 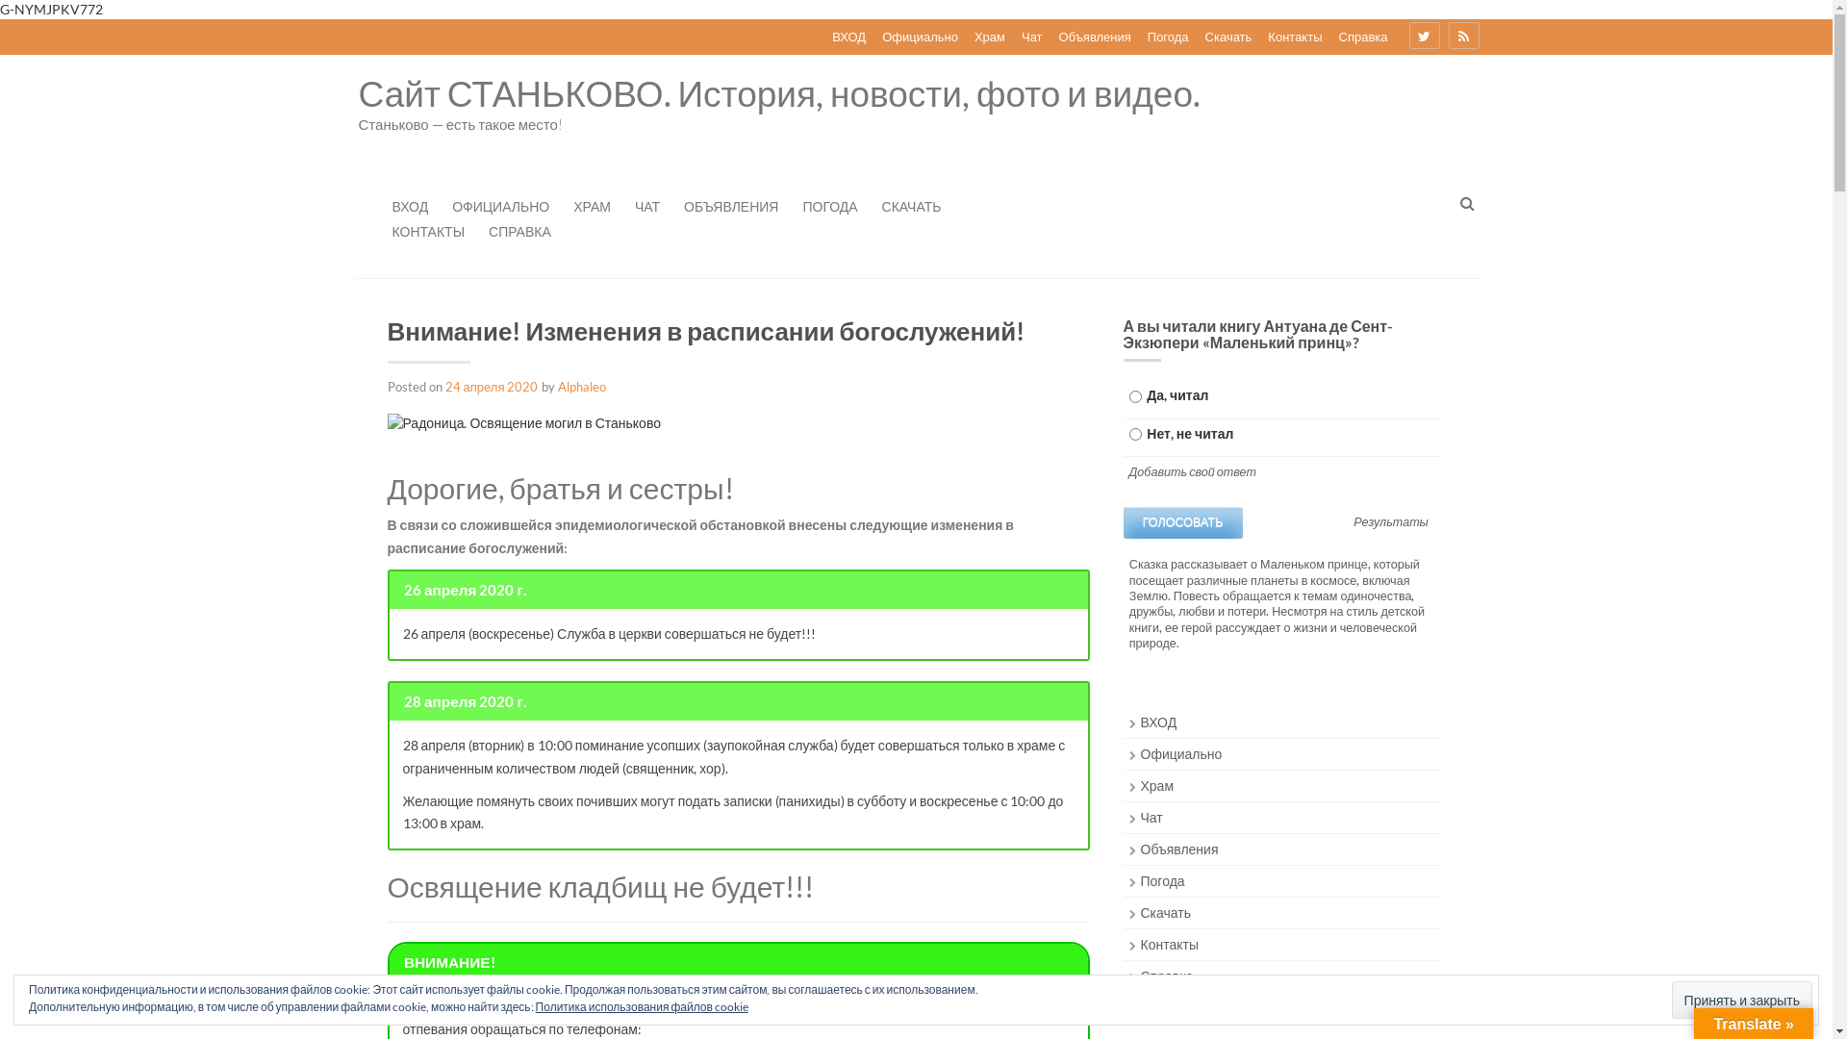 I want to click on 'Alphaleo', so click(x=580, y=386).